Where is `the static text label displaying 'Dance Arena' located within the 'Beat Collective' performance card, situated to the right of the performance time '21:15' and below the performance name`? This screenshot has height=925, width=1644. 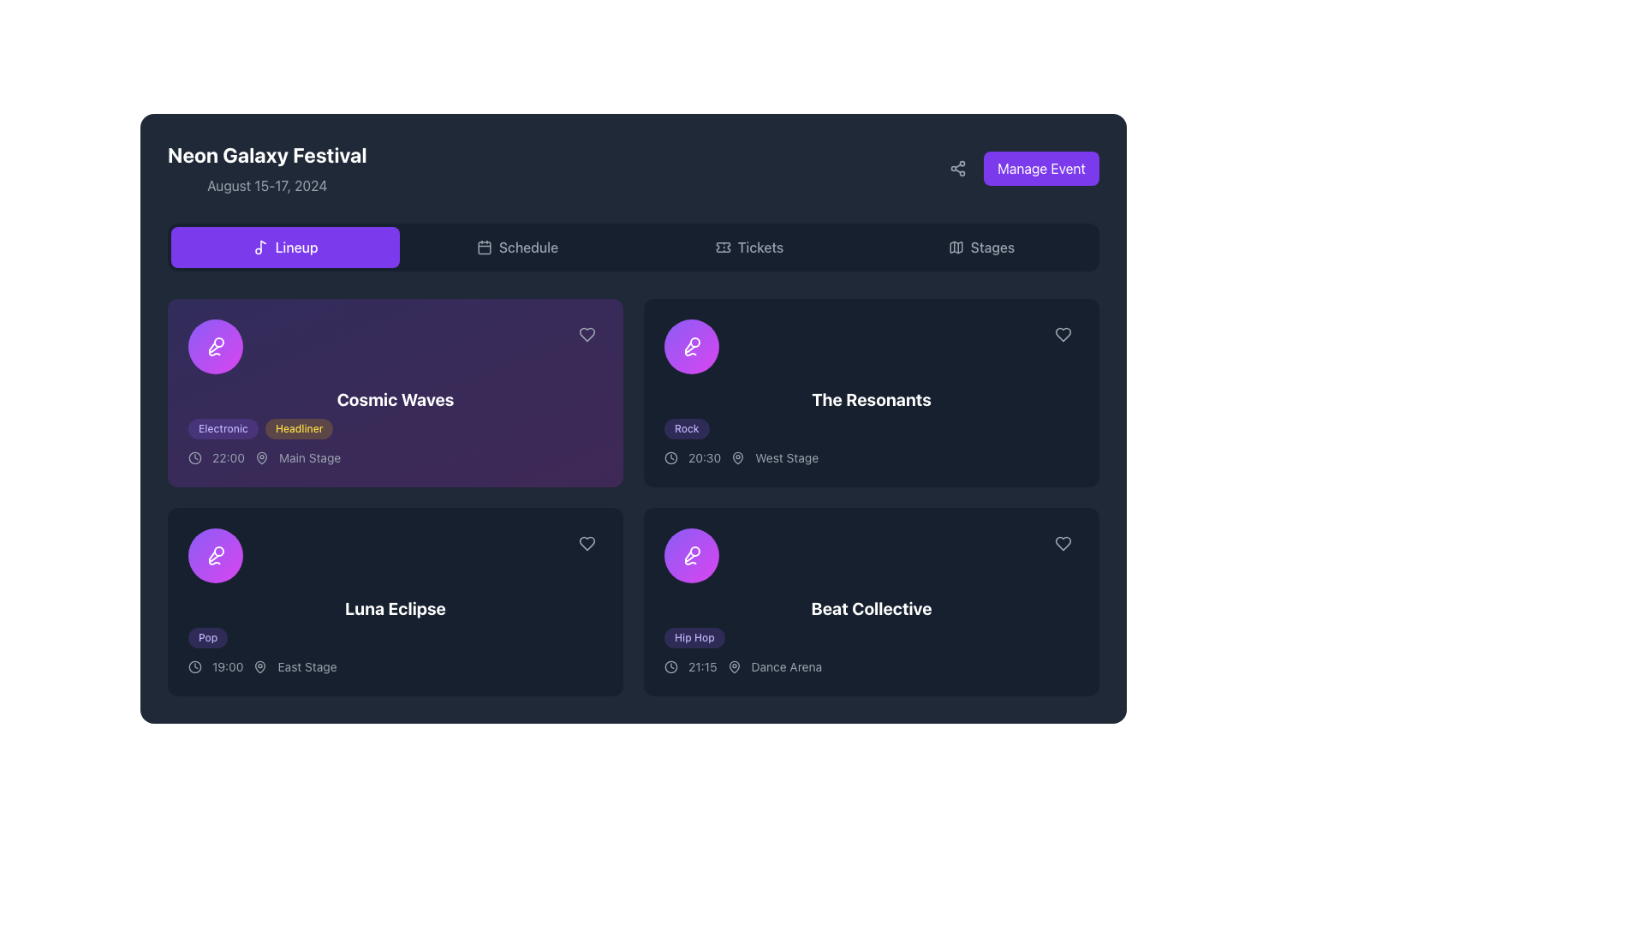 the static text label displaying 'Dance Arena' located within the 'Beat Collective' performance card, situated to the right of the performance time '21:15' and below the performance name is located at coordinates (785, 666).